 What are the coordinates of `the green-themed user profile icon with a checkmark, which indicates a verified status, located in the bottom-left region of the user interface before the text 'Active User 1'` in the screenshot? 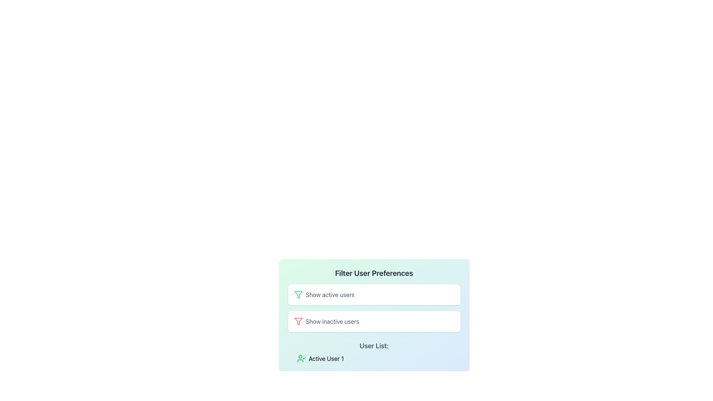 It's located at (301, 358).